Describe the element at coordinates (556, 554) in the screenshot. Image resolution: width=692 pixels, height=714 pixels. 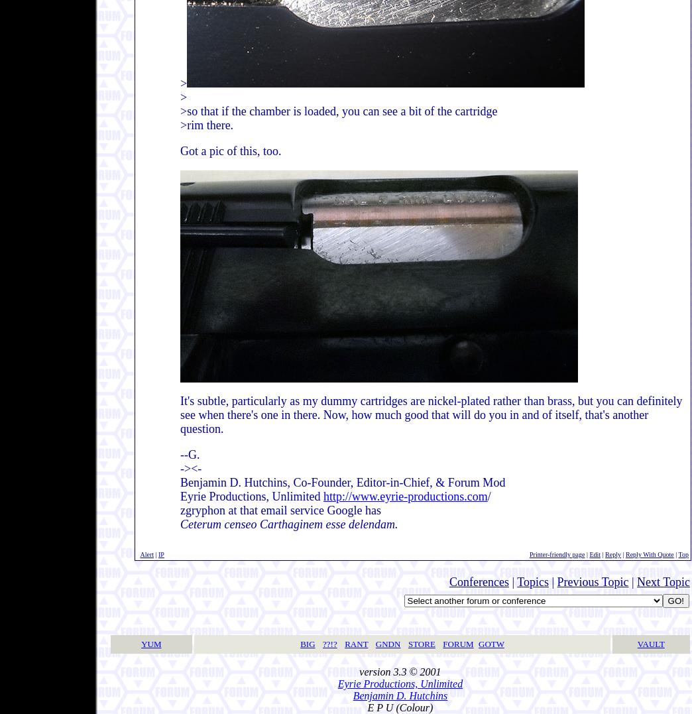
I see `'Printer-friendly page'` at that location.